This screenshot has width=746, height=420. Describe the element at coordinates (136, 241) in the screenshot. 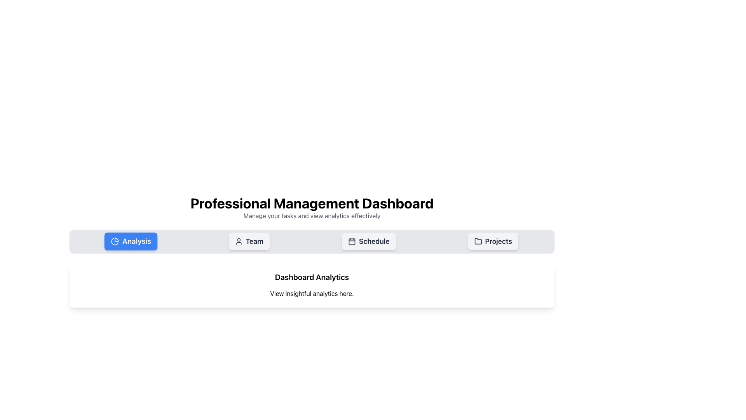

I see `text 'Analysis' from the blue button labeled 'Analysis' located in the menu bar at the top of the page` at that location.